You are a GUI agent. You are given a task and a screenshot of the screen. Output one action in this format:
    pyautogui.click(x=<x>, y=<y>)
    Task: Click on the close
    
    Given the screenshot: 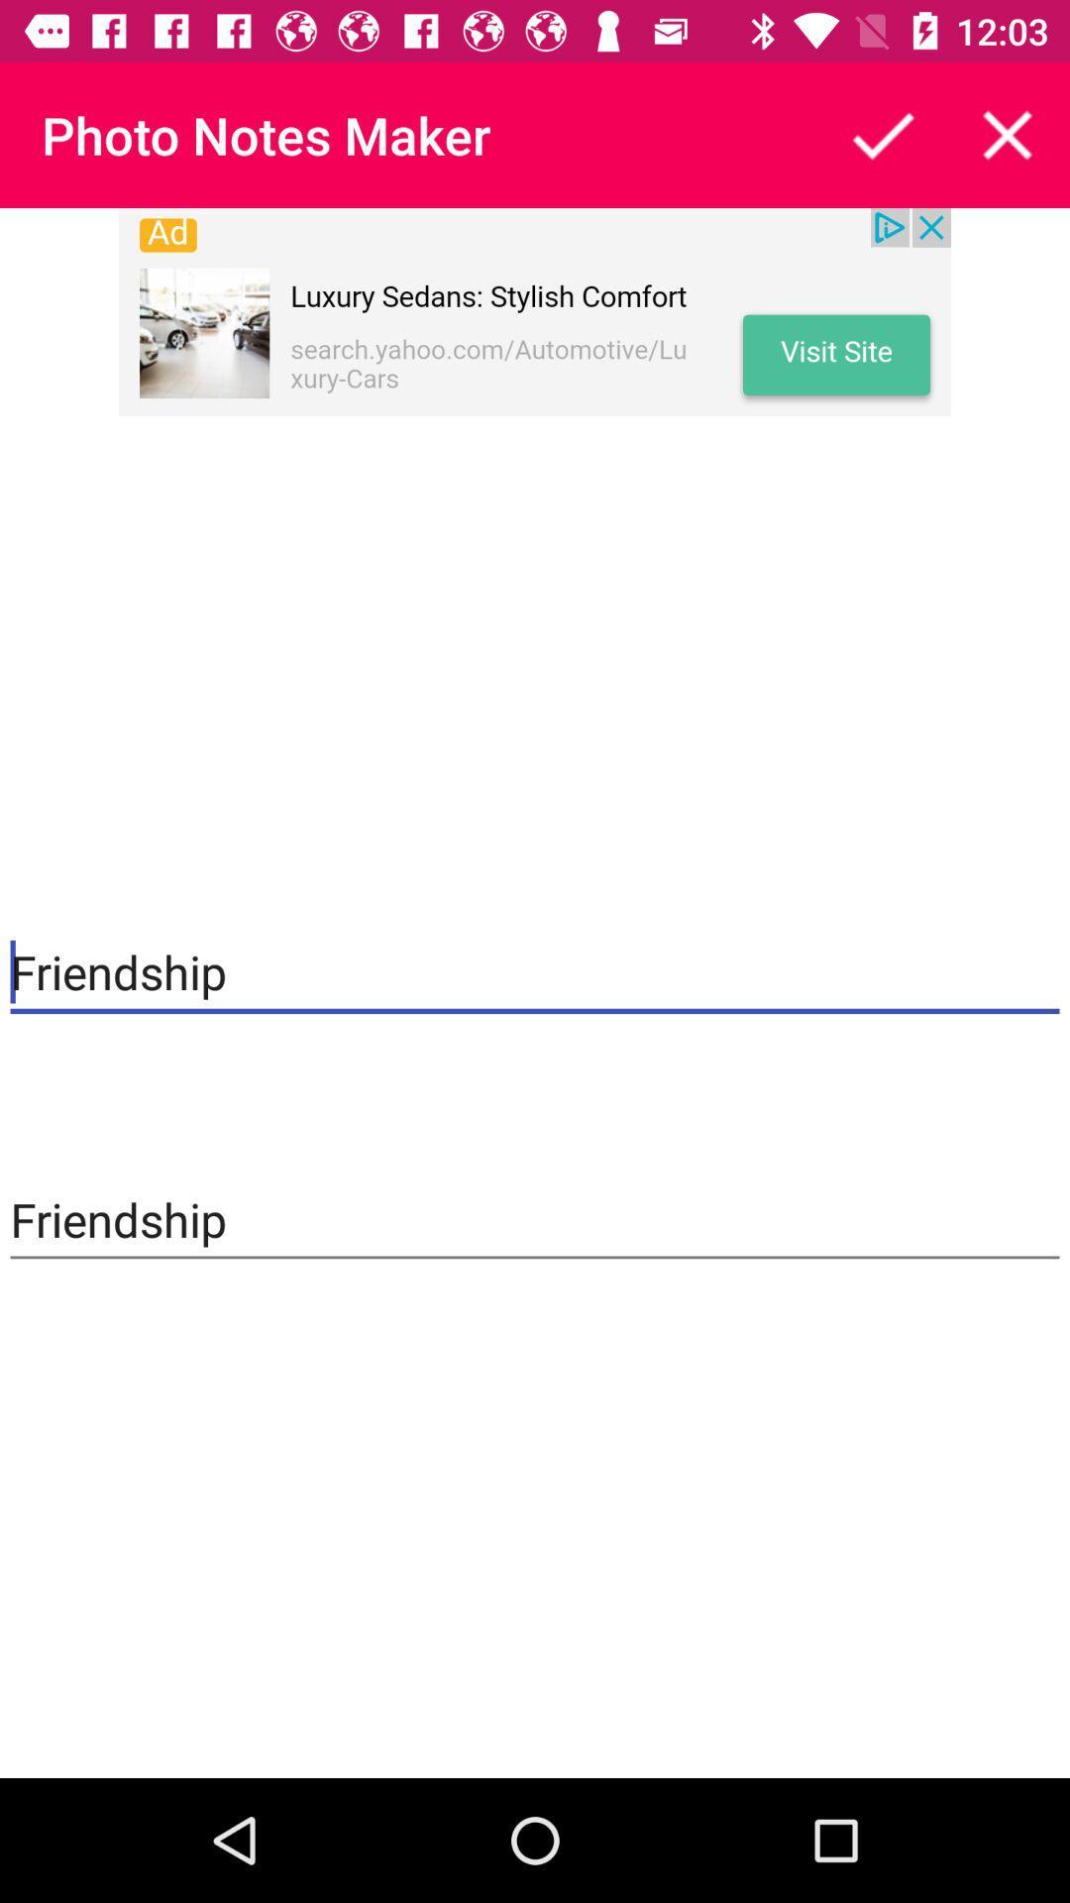 What is the action you would take?
    pyautogui.click(x=1008, y=134)
    